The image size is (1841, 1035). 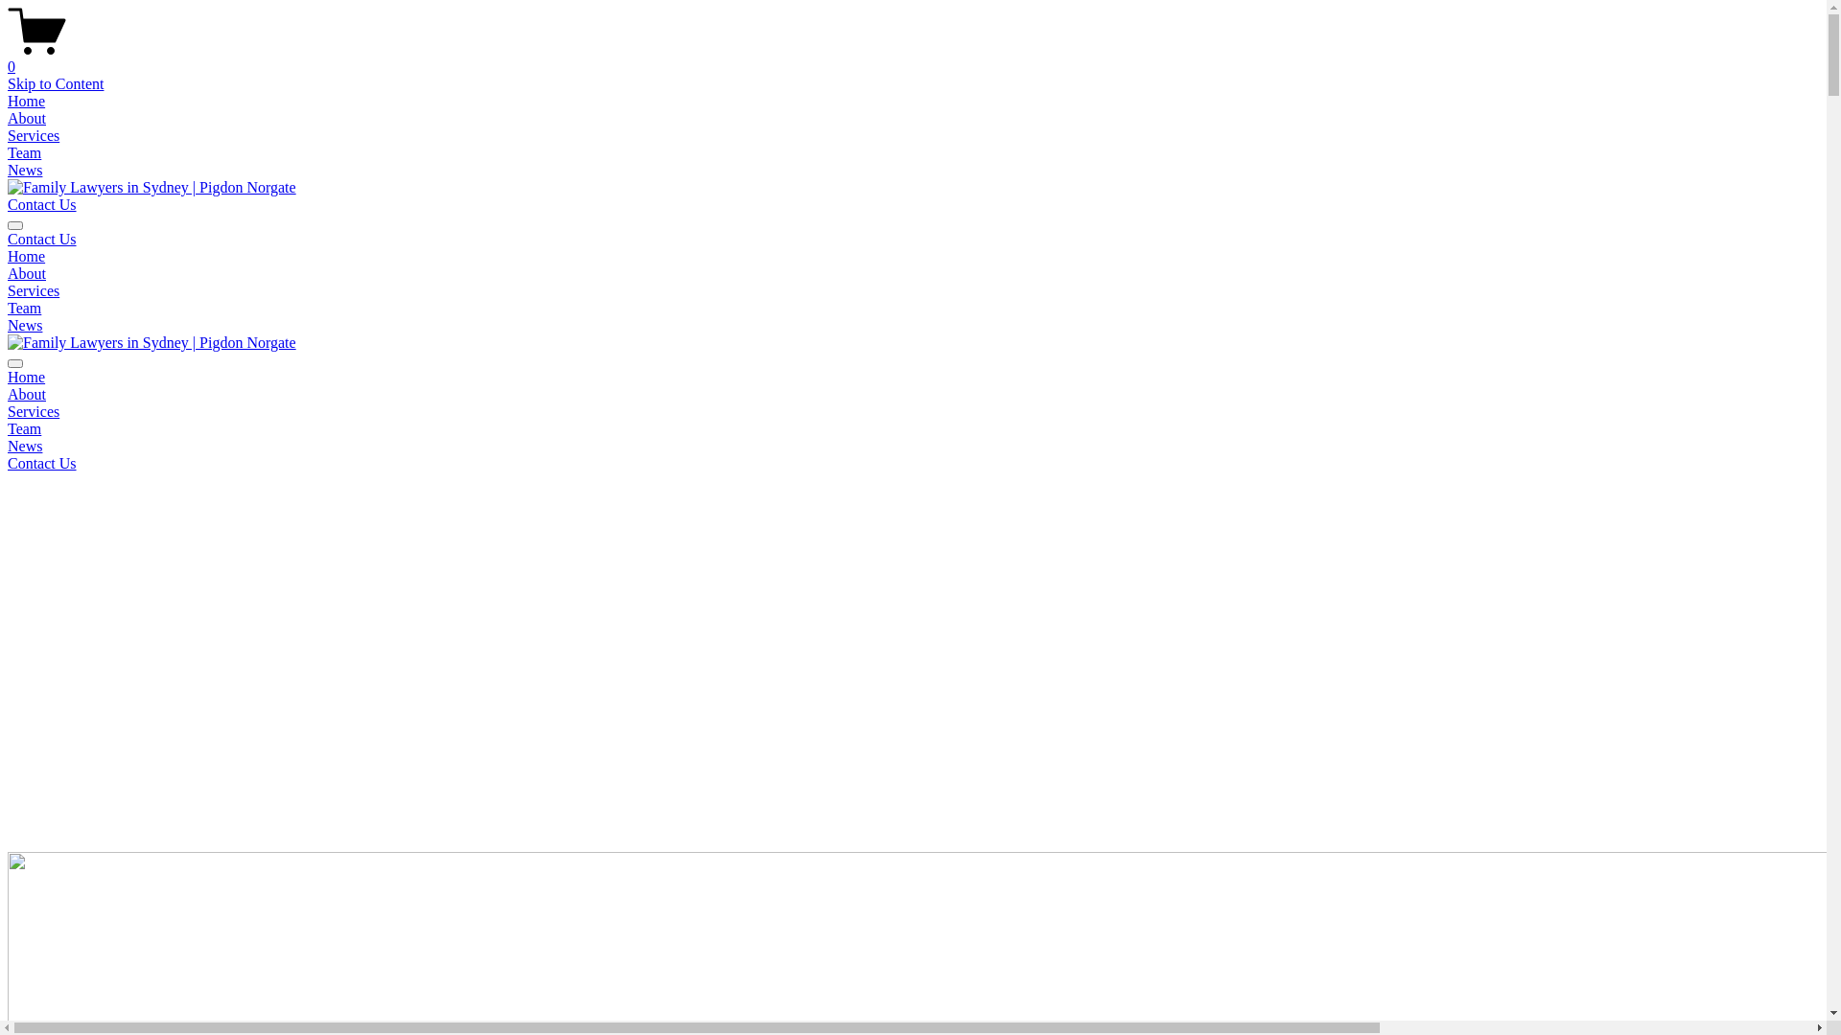 What do you see at coordinates (24, 151) in the screenshot?
I see `'Team'` at bounding box center [24, 151].